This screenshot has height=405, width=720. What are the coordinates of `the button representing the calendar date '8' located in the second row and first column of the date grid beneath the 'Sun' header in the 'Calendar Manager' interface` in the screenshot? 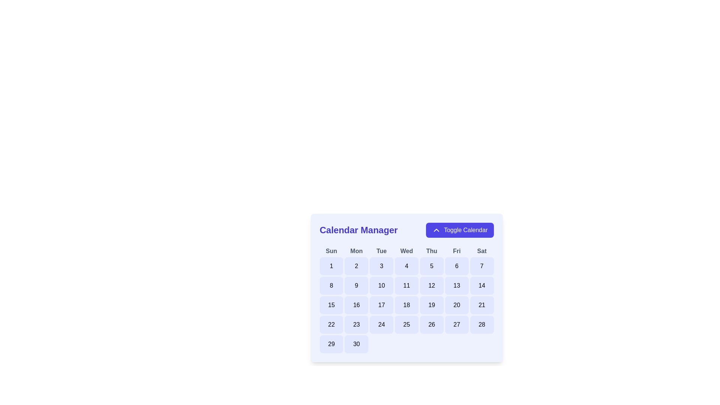 It's located at (331, 286).